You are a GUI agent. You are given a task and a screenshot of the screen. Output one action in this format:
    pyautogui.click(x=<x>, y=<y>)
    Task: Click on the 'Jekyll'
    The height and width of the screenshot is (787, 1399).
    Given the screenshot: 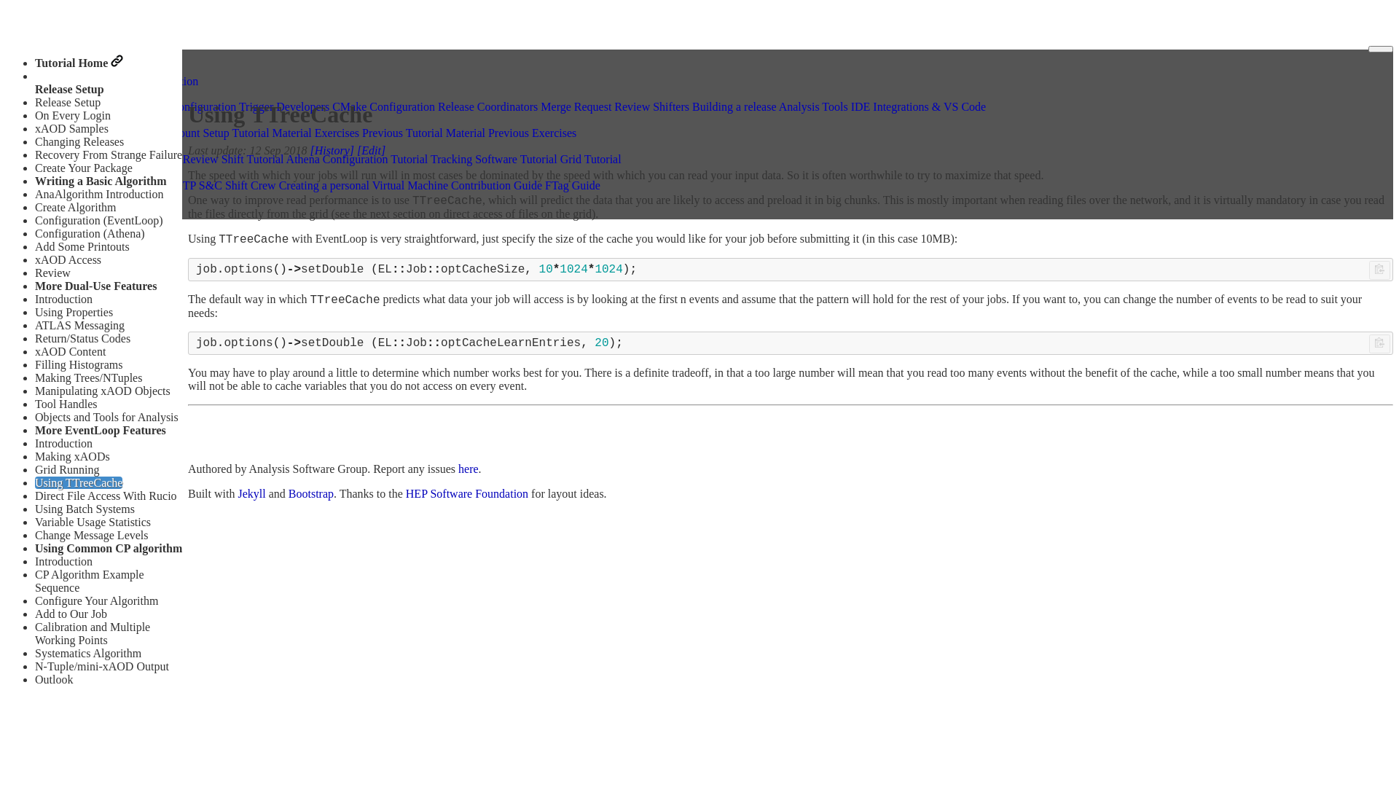 What is the action you would take?
    pyautogui.click(x=251, y=493)
    